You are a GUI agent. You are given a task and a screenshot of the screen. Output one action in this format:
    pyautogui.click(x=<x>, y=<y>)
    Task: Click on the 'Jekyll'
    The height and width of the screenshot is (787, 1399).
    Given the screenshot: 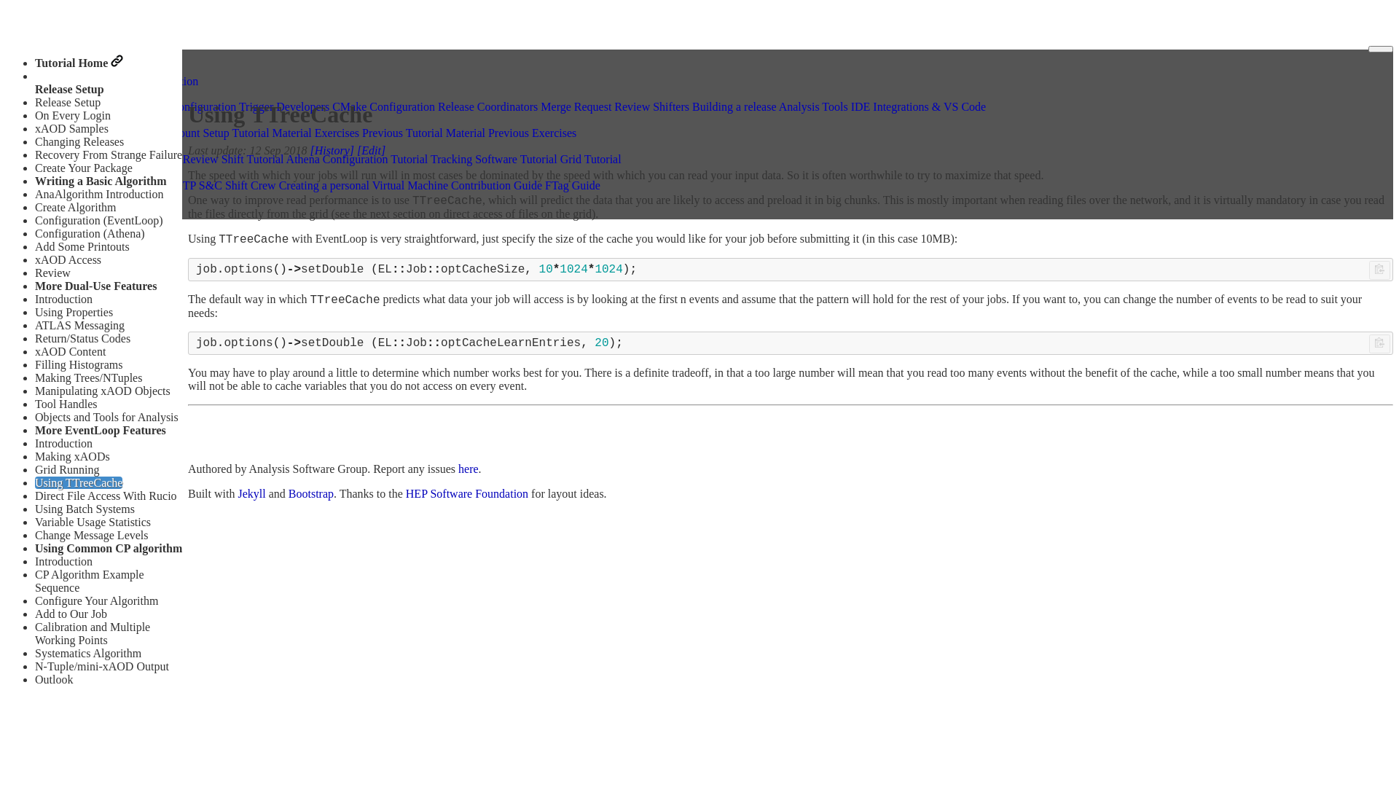 What is the action you would take?
    pyautogui.click(x=251, y=493)
    